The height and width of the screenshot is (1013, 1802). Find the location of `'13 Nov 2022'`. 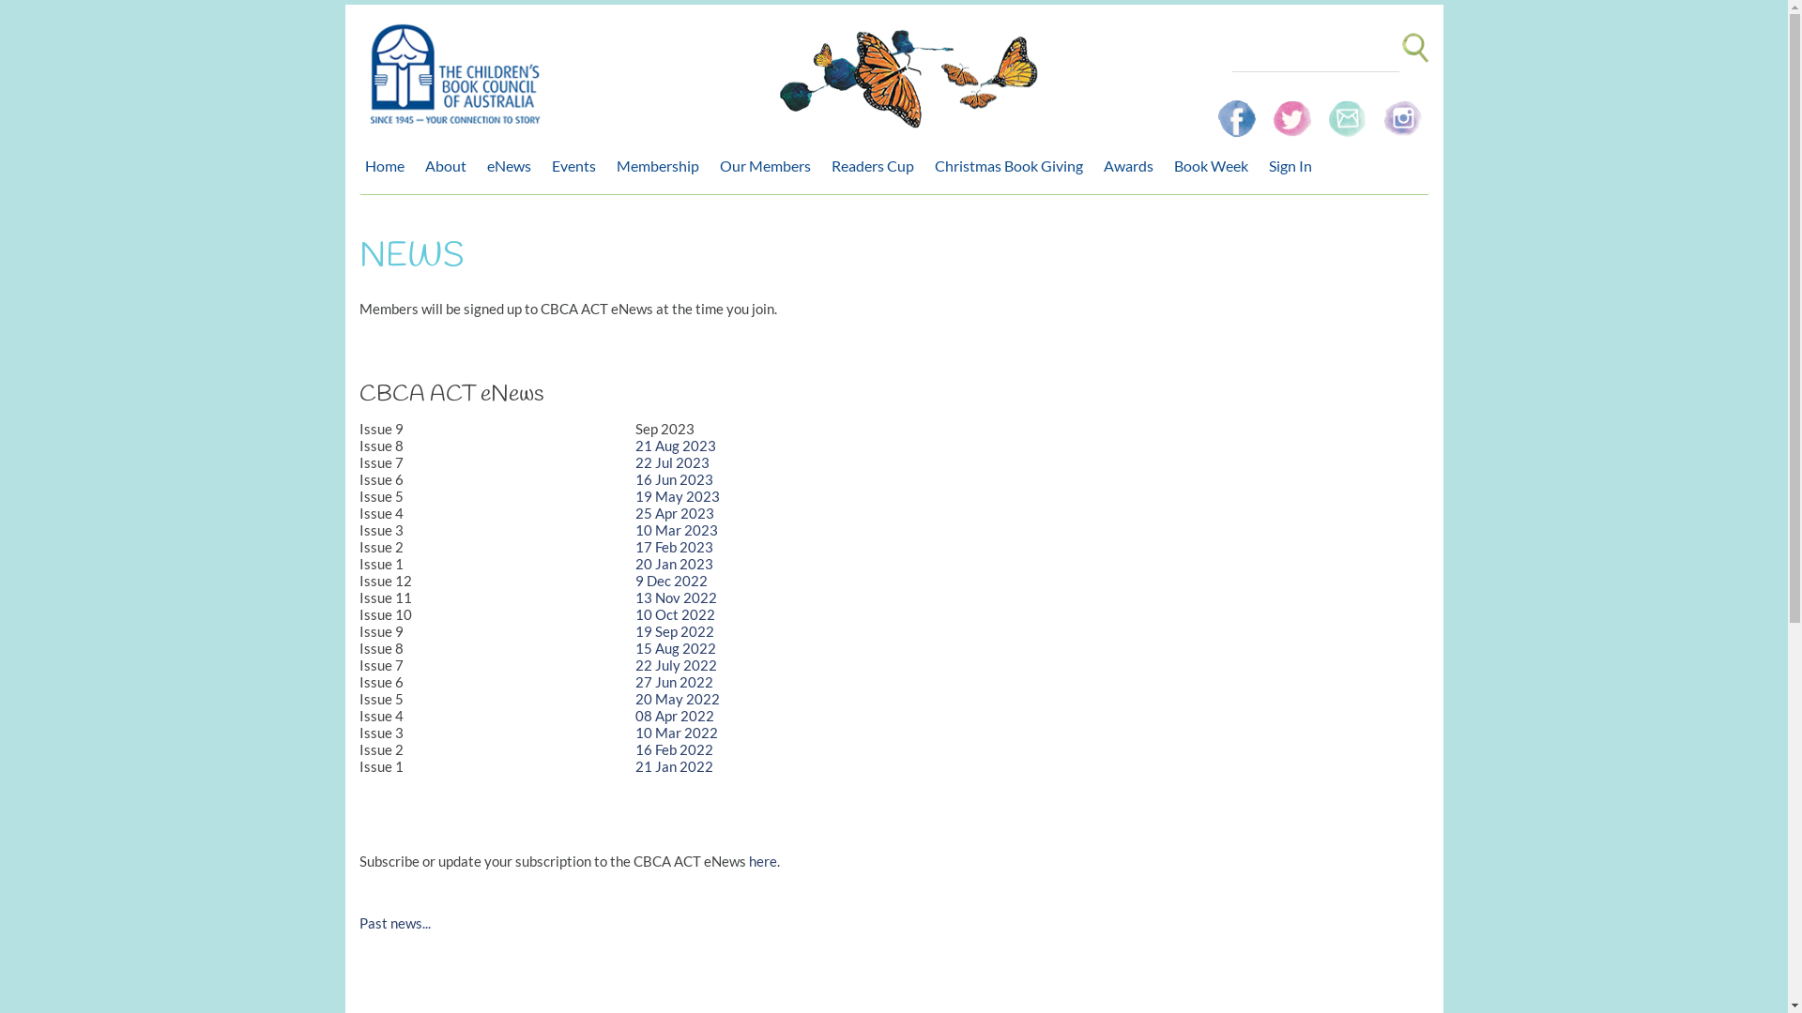

'13 Nov 2022' is located at coordinates (676, 597).